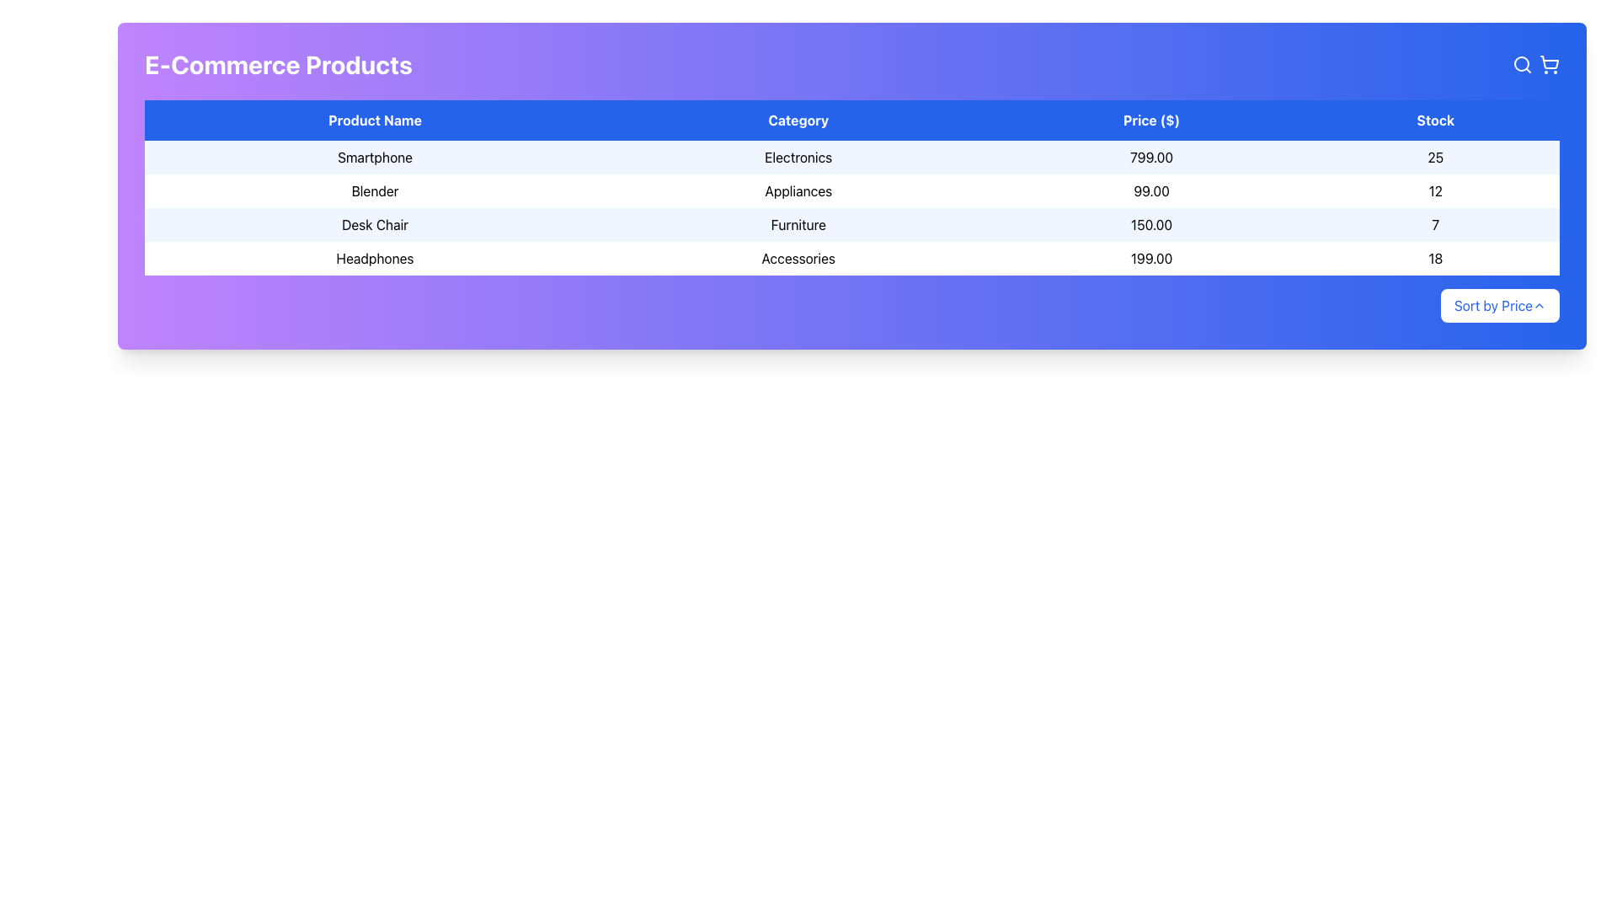 Image resolution: width=1617 pixels, height=910 pixels. I want to click on the 'Accessories' text label element located in the 'Category' column of the table, which is part of the row associated with 'Headphones', so click(798, 259).